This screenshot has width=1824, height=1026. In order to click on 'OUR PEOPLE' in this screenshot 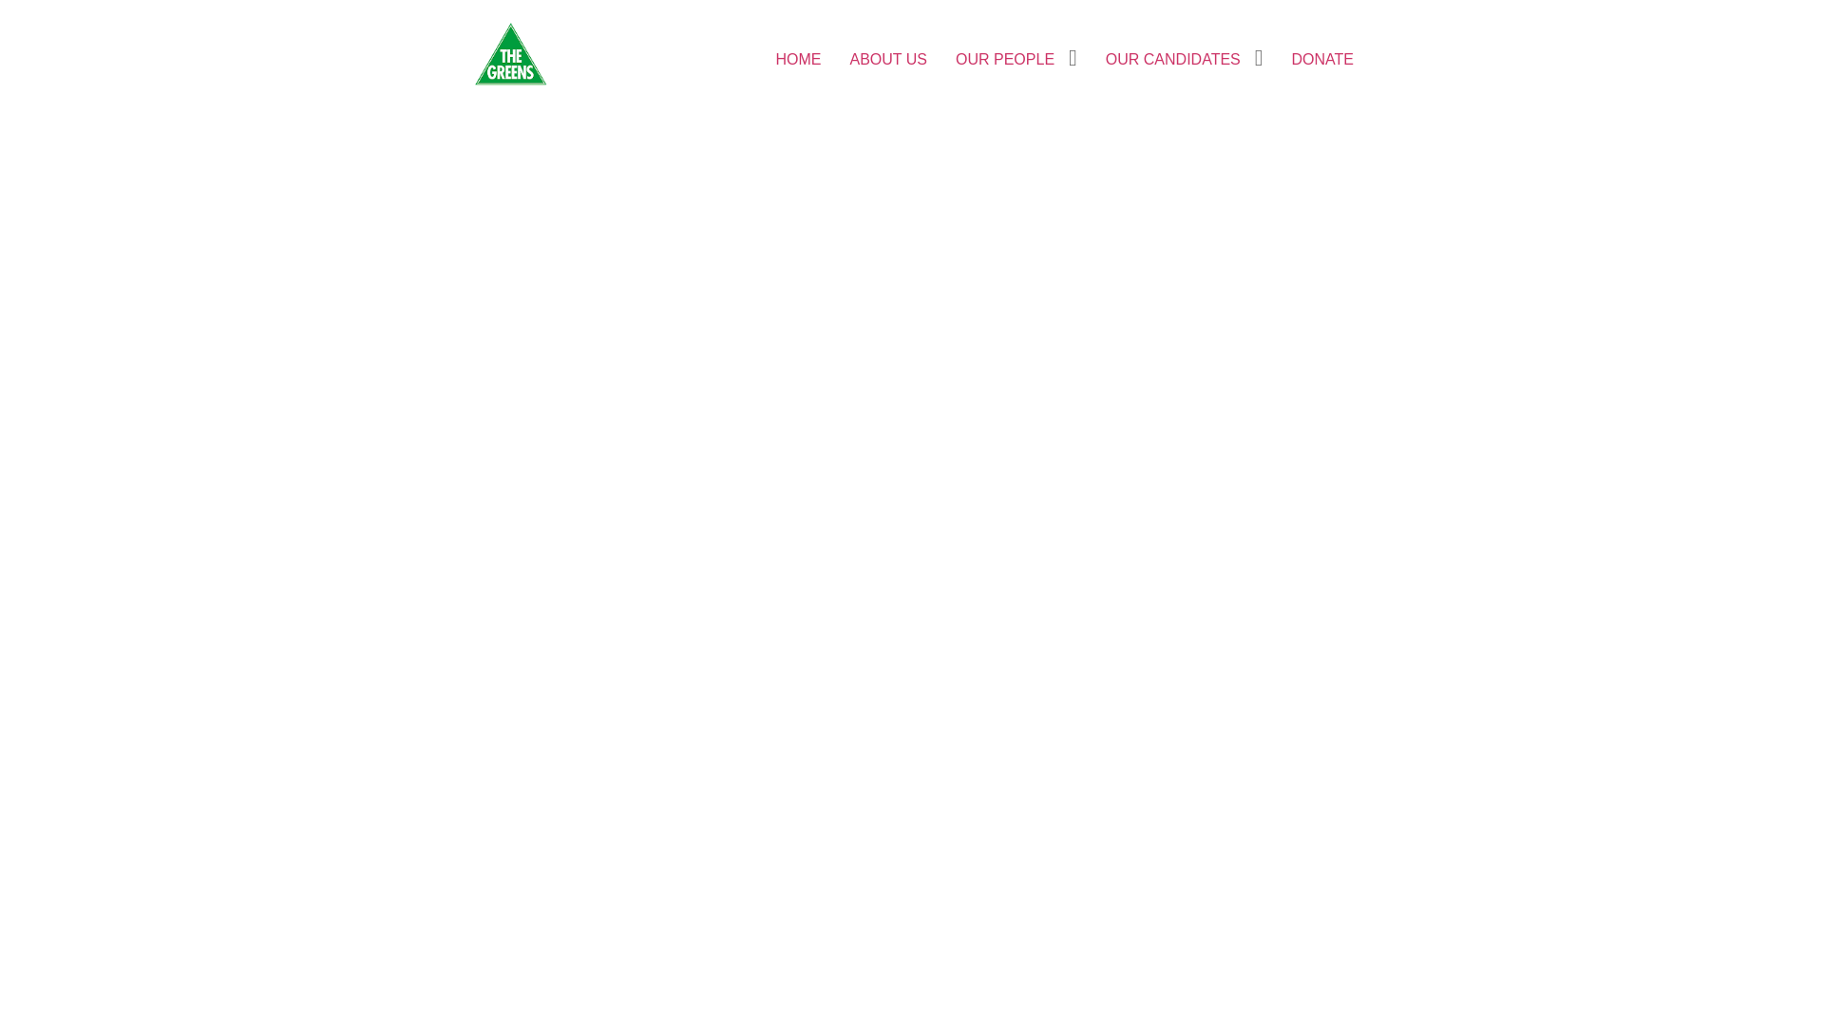, I will do `click(1003, 58)`.